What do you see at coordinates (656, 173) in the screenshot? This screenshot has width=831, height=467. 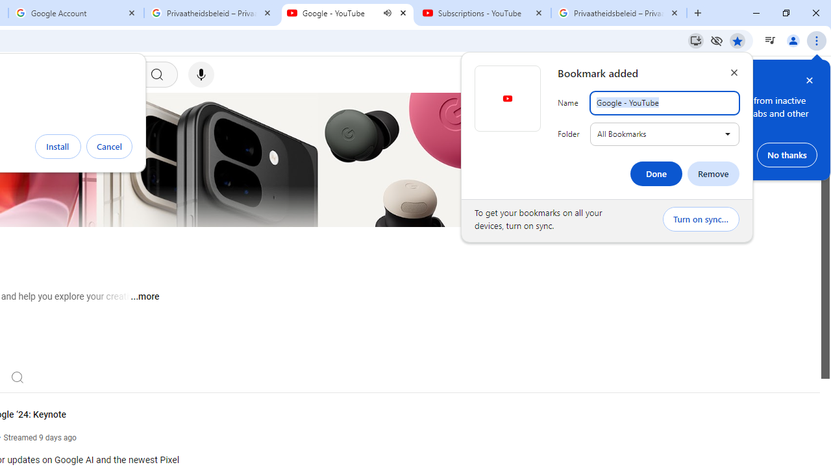 I see `'Done'` at bounding box center [656, 173].